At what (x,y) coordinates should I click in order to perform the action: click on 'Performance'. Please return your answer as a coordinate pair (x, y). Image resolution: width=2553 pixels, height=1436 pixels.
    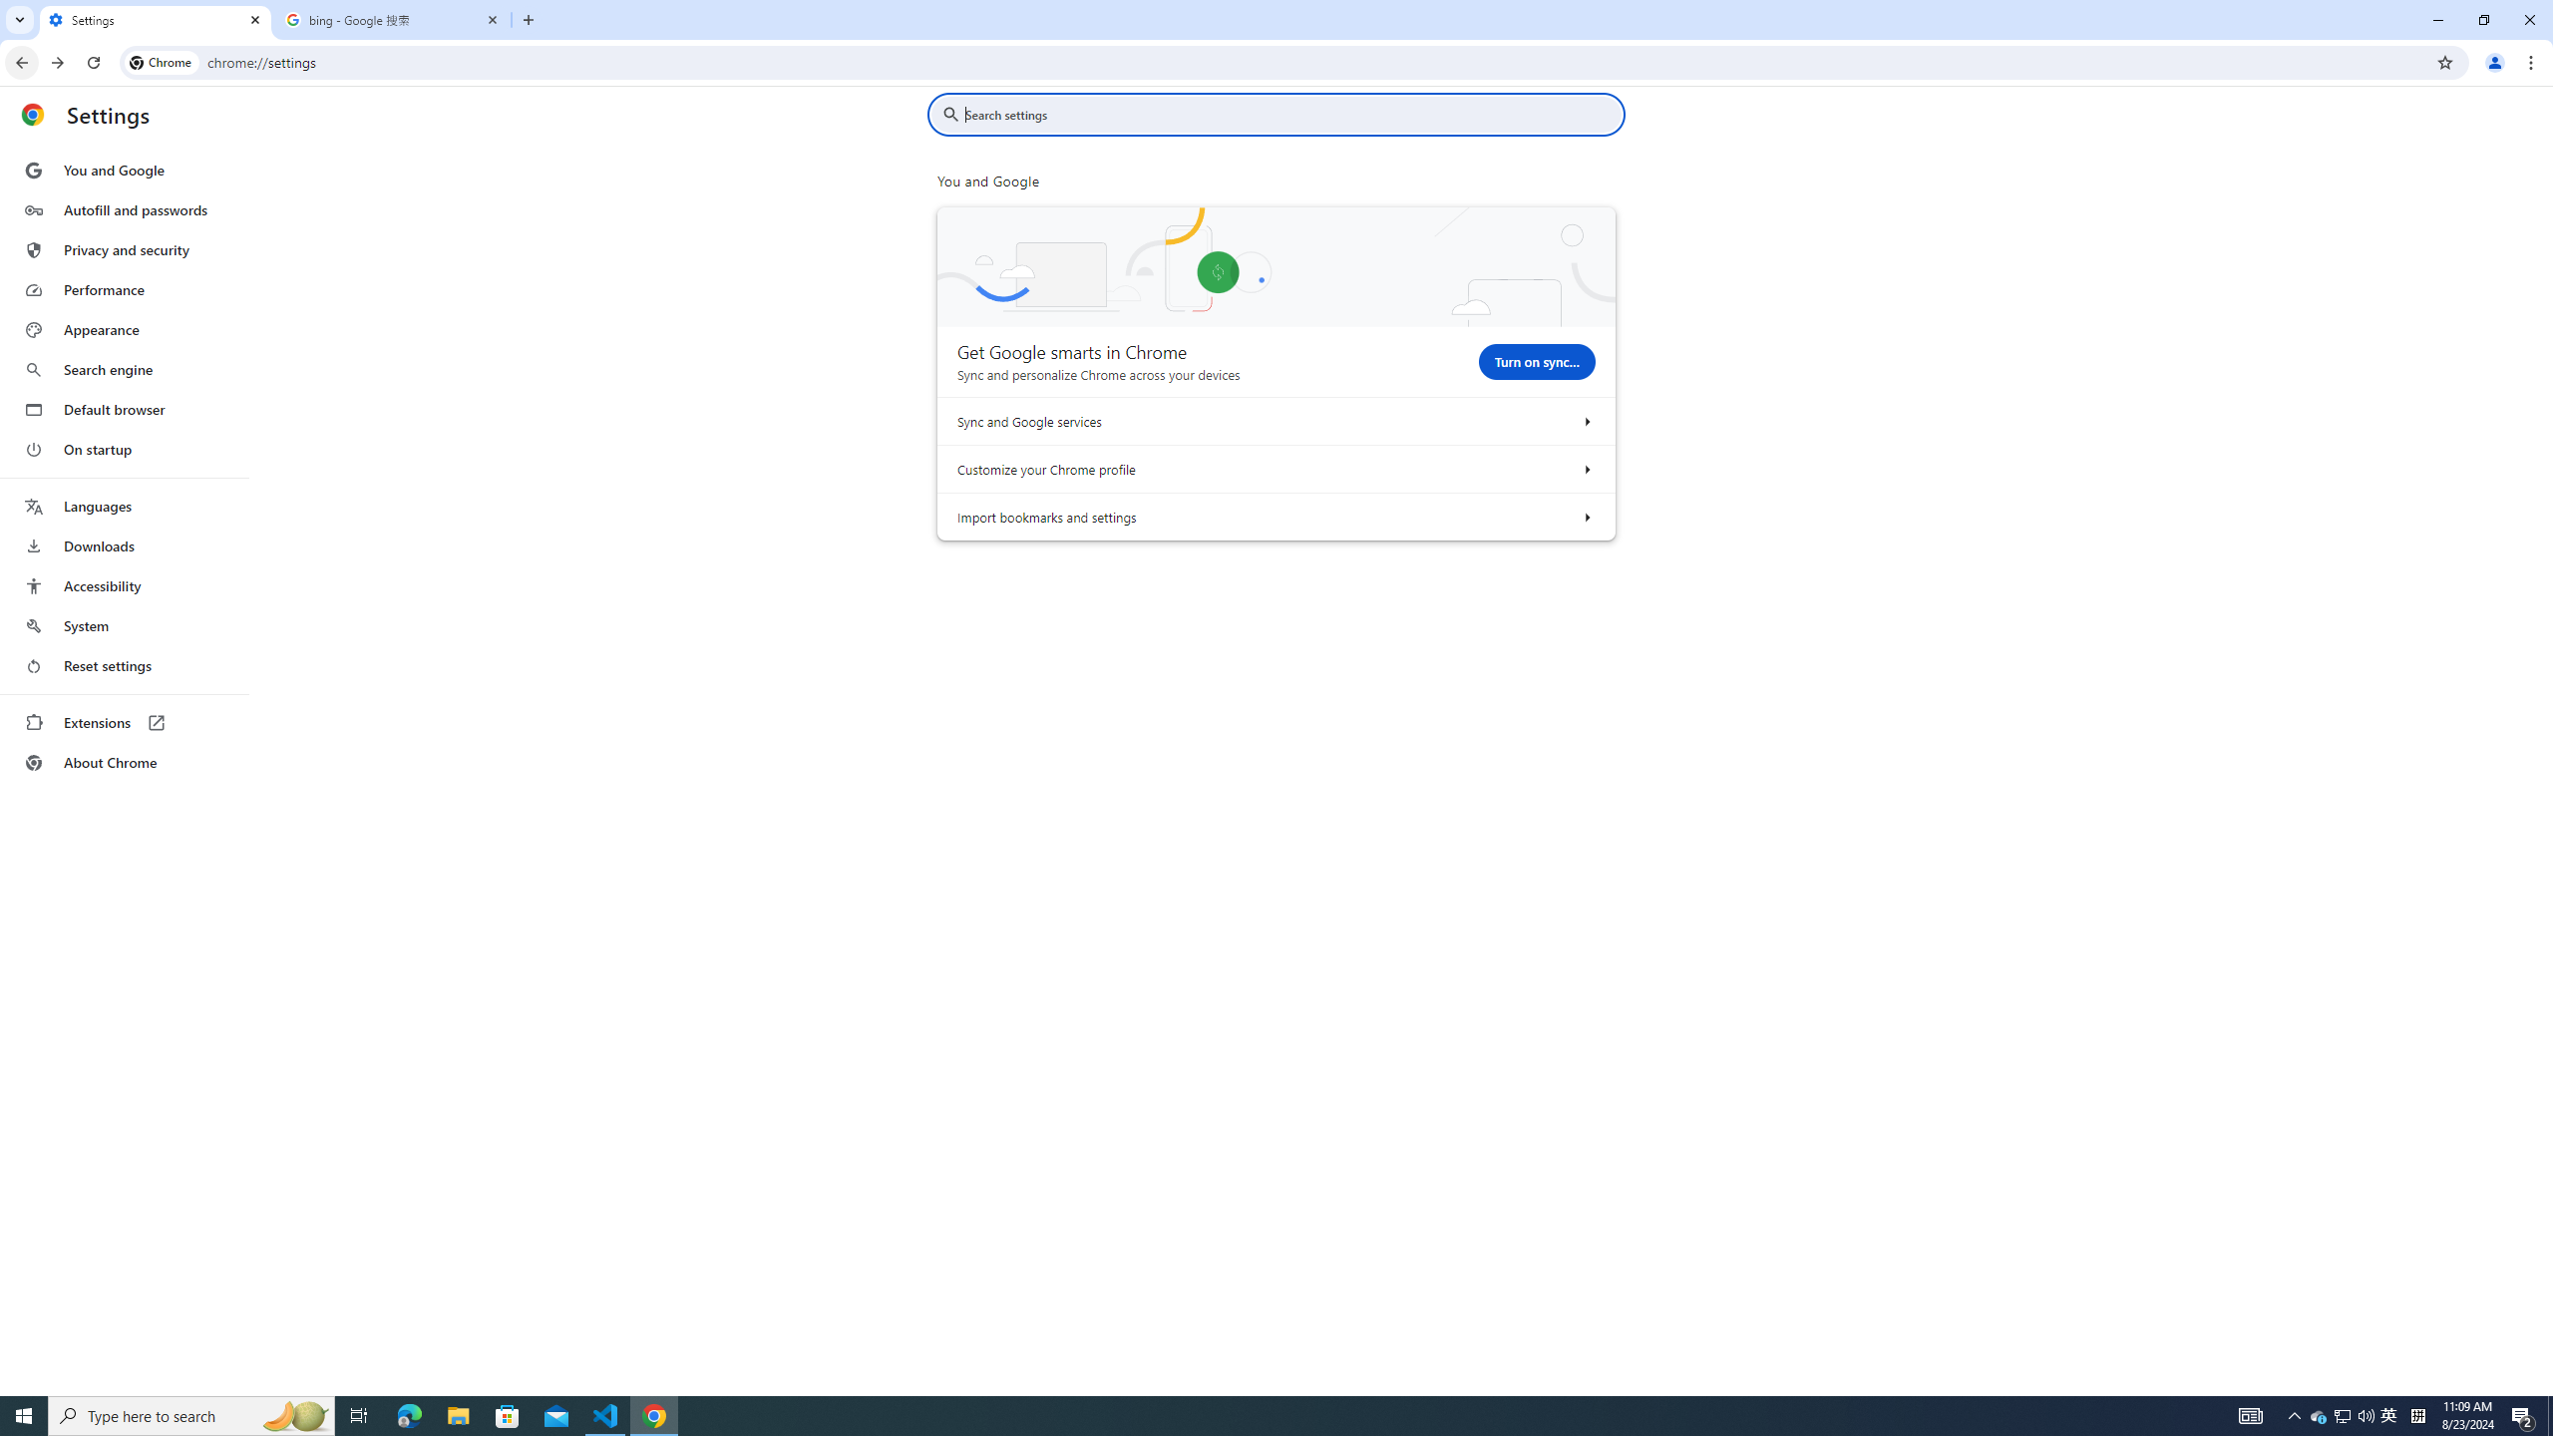
    Looking at the image, I should click on (123, 289).